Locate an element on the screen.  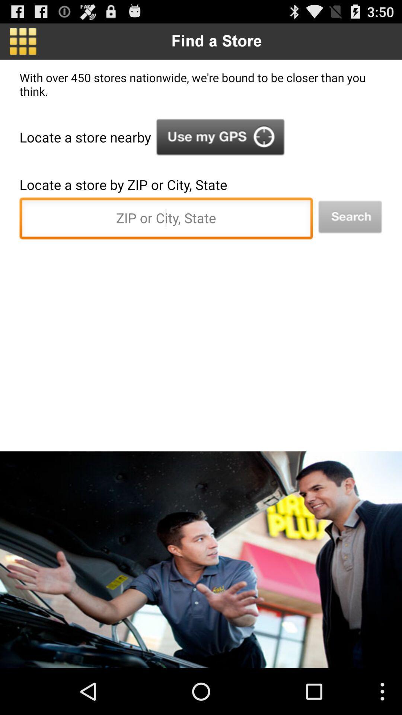
item next to locate a store app is located at coordinates (220, 137).